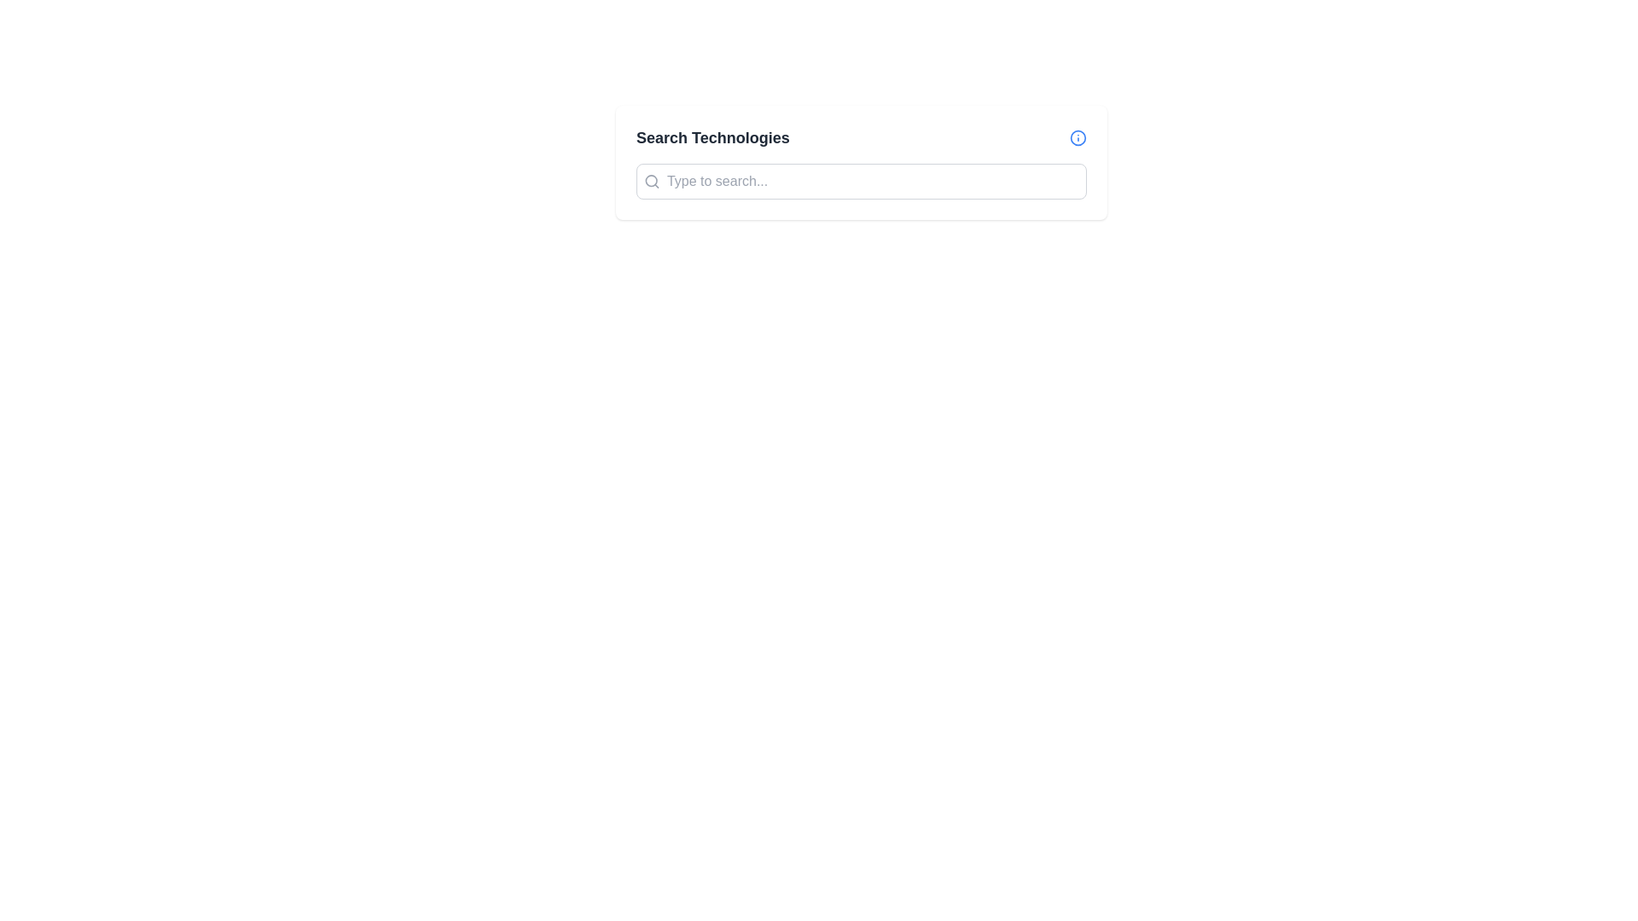  I want to click on the decorative SVG circle element representing the lens part of the search icon, which is positioned to the left of the search input field, so click(650, 181).